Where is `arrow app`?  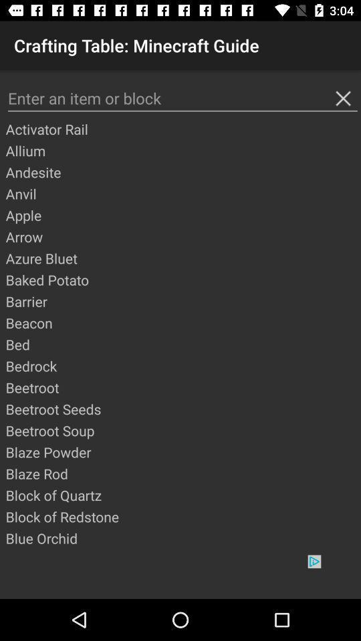
arrow app is located at coordinates (182, 236).